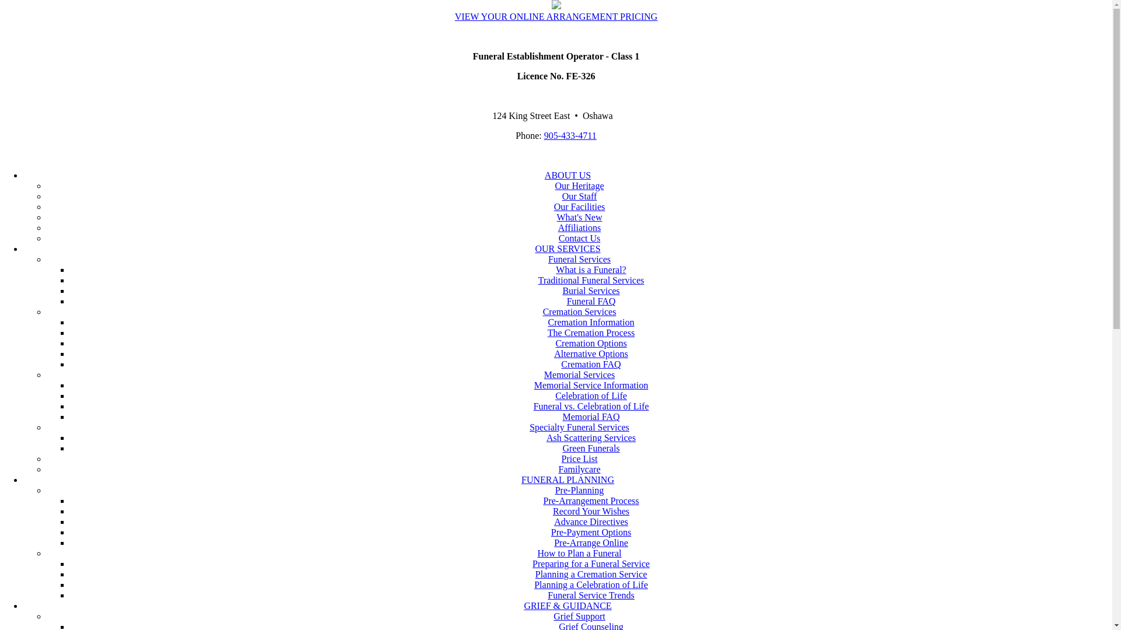  What do you see at coordinates (548, 322) in the screenshot?
I see `'Cremation Information'` at bounding box center [548, 322].